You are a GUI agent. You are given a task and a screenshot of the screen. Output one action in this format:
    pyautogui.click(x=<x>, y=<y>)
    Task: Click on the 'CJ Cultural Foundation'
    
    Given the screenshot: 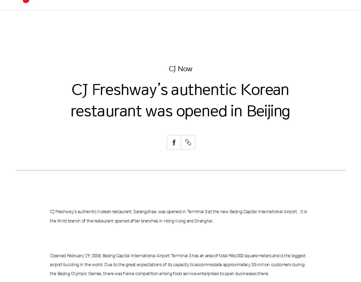 What is the action you would take?
    pyautogui.click(x=193, y=107)
    